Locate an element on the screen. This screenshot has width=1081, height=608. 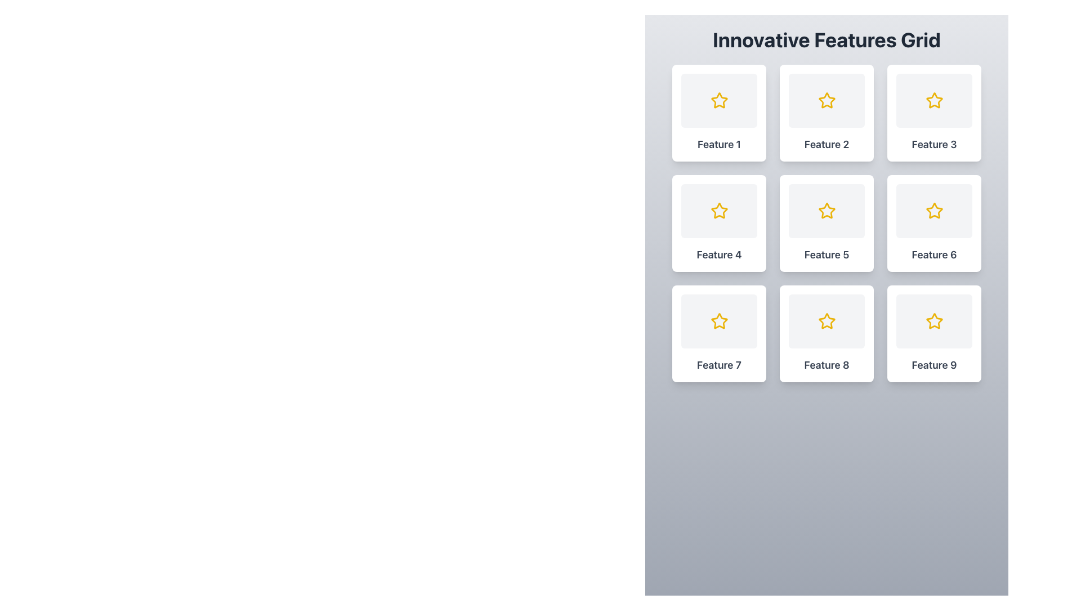
text content of the descriptive label located in the bottom-right card of the Innovative Features Grid, which is positioned below a yellow star icon is located at coordinates (934, 365).